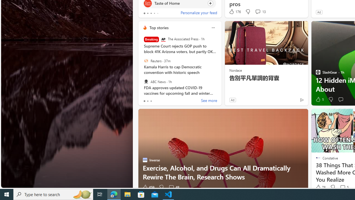 The height and width of the screenshot is (200, 355). What do you see at coordinates (199, 13) in the screenshot?
I see `'Personalize your feed'` at bounding box center [199, 13].